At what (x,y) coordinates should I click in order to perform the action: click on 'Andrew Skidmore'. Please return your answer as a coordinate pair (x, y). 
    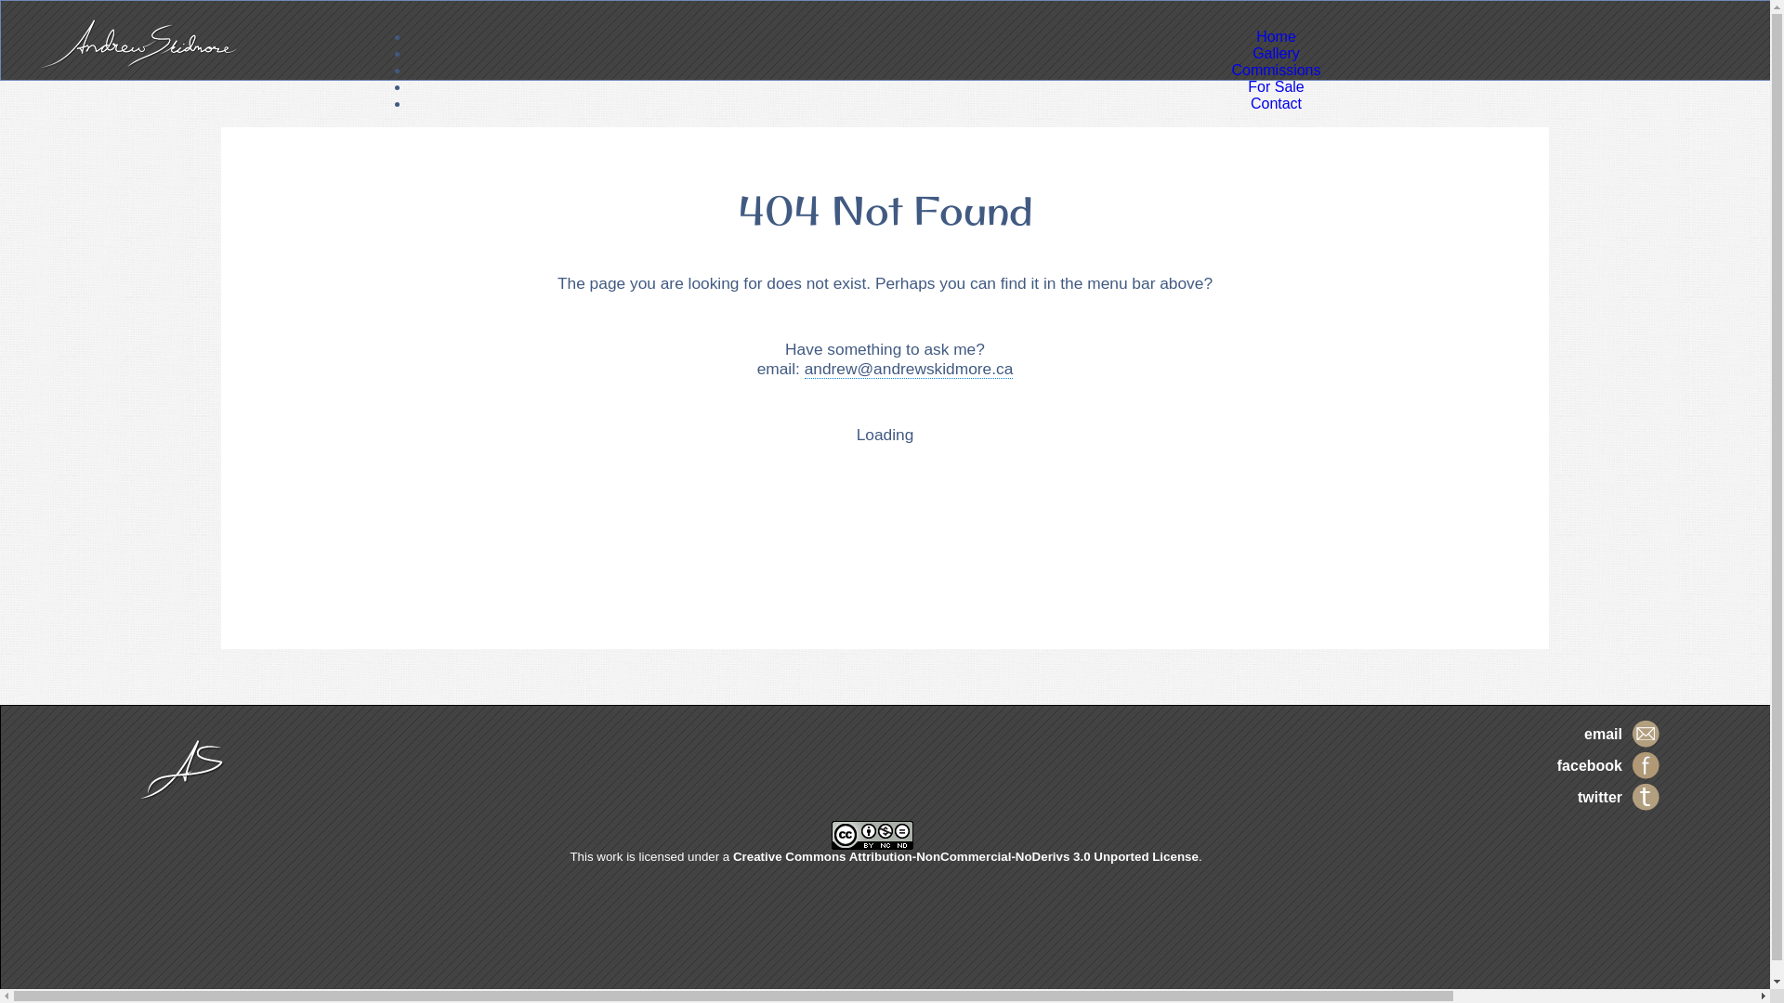
    Looking at the image, I should click on (137, 42).